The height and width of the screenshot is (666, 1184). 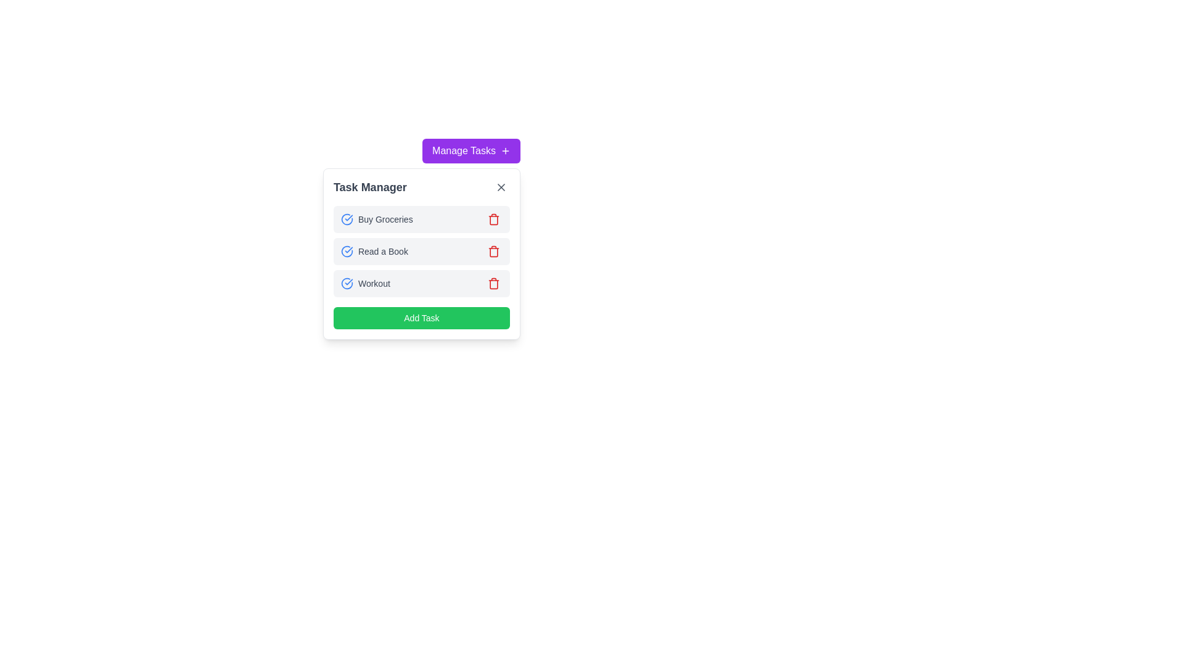 What do you see at coordinates (494, 283) in the screenshot?
I see `the delete button associated with the task named 'Workout'` at bounding box center [494, 283].